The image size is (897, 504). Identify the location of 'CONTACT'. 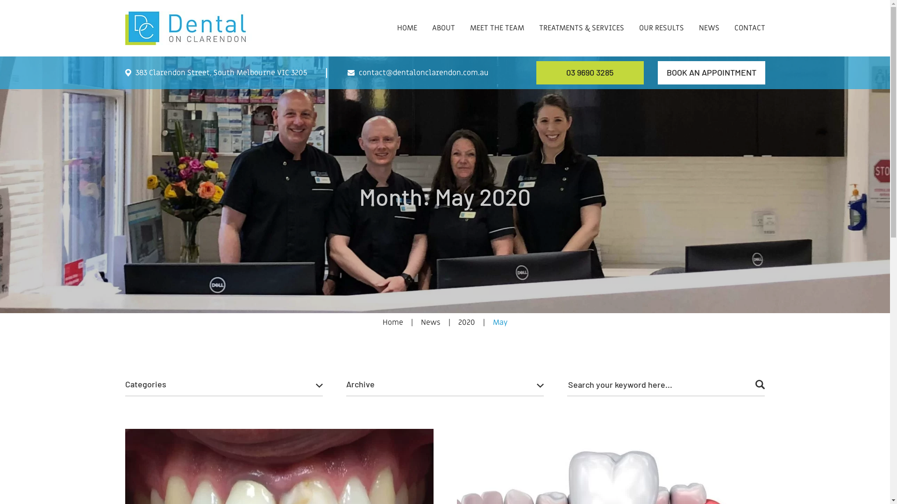
(749, 19).